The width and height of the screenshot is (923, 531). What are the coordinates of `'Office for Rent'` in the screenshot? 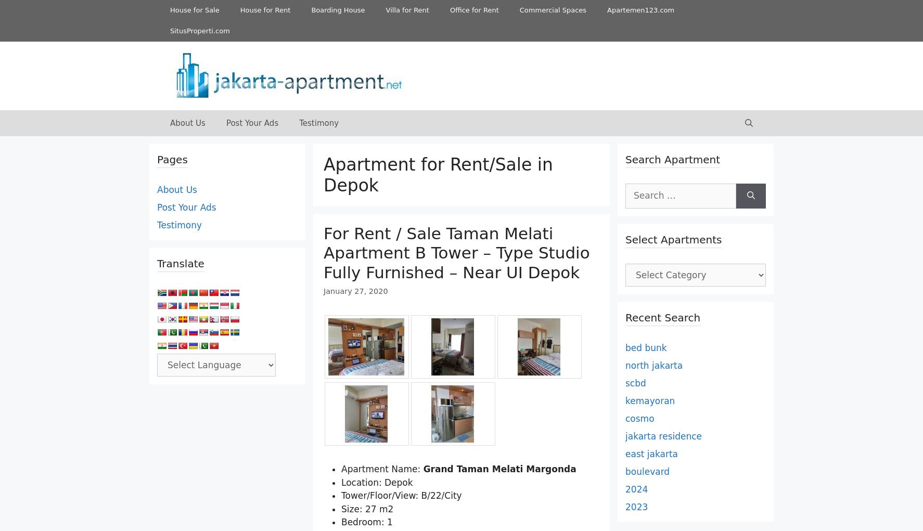 It's located at (449, 9).